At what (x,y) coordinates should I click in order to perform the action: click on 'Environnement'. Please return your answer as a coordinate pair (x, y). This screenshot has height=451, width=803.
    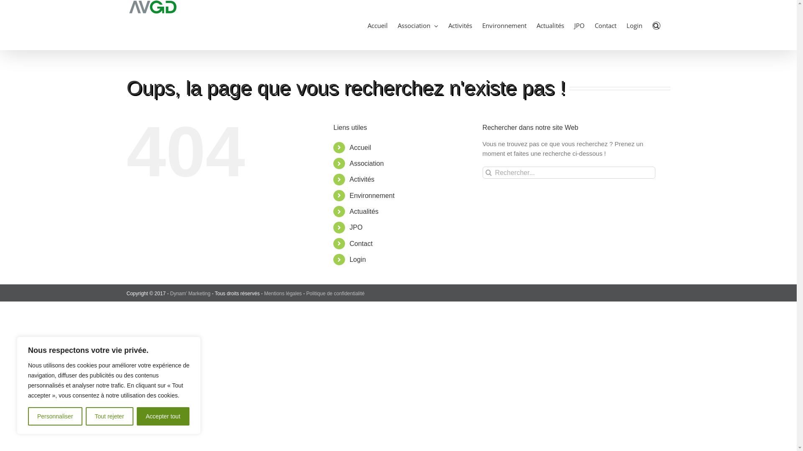
    Looking at the image, I should click on (504, 25).